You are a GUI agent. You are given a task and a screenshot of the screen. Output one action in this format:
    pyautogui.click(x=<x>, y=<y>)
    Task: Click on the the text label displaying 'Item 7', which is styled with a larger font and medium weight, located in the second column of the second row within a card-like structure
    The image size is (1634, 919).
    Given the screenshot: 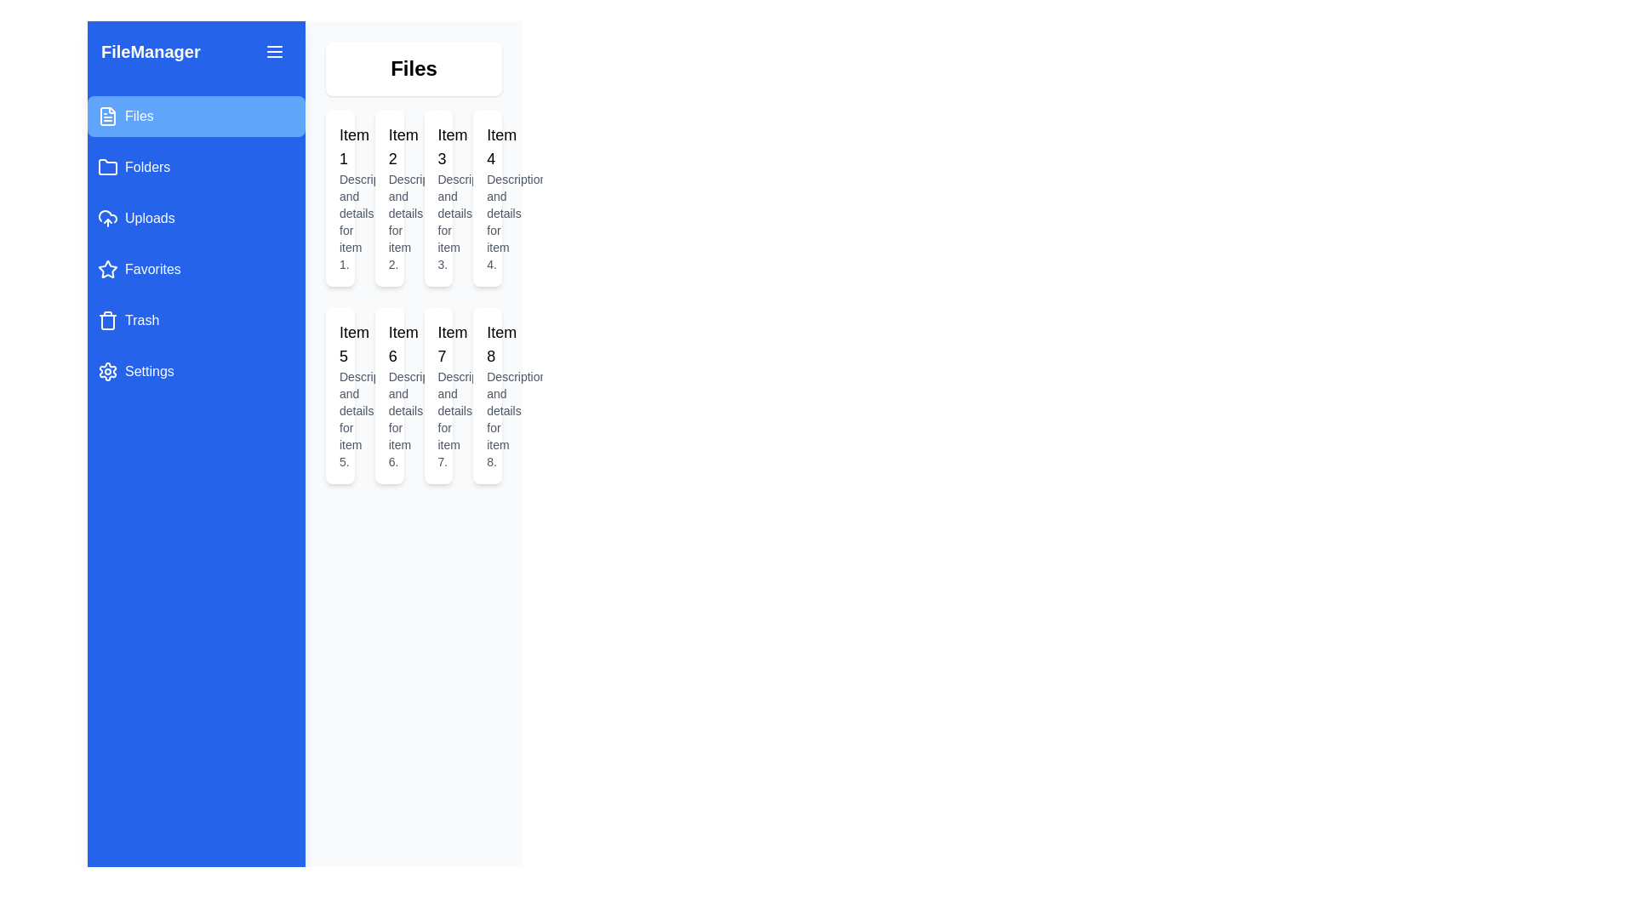 What is the action you would take?
    pyautogui.click(x=438, y=345)
    